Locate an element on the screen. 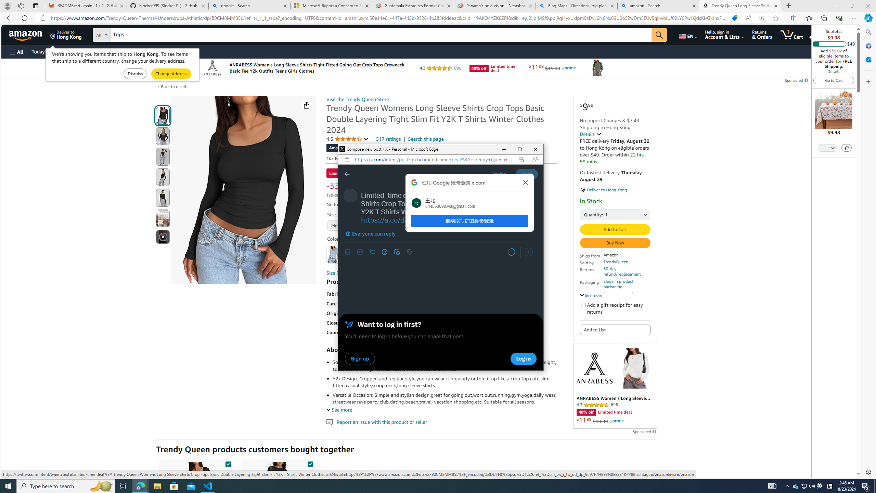 This screenshot has height=493, width=876. 'Action Center, 2 new notifications' is located at coordinates (866, 485).